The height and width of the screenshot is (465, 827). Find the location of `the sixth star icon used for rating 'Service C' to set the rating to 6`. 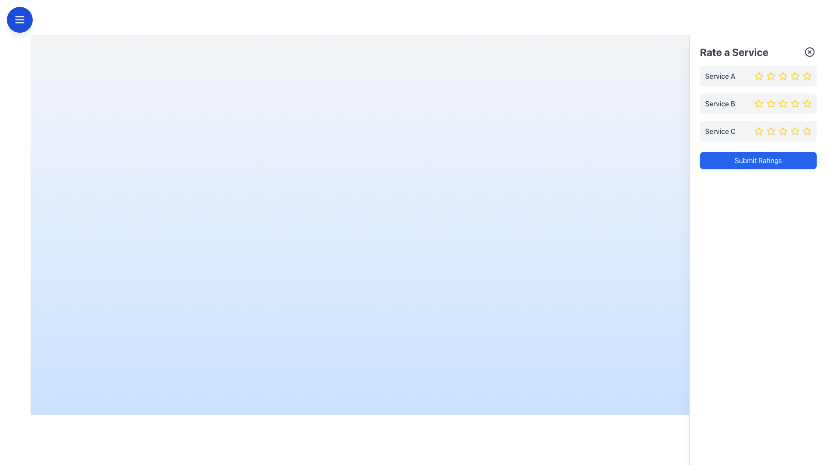

the sixth star icon used for rating 'Service C' to set the rating to 6 is located at coordinates (795, 131).